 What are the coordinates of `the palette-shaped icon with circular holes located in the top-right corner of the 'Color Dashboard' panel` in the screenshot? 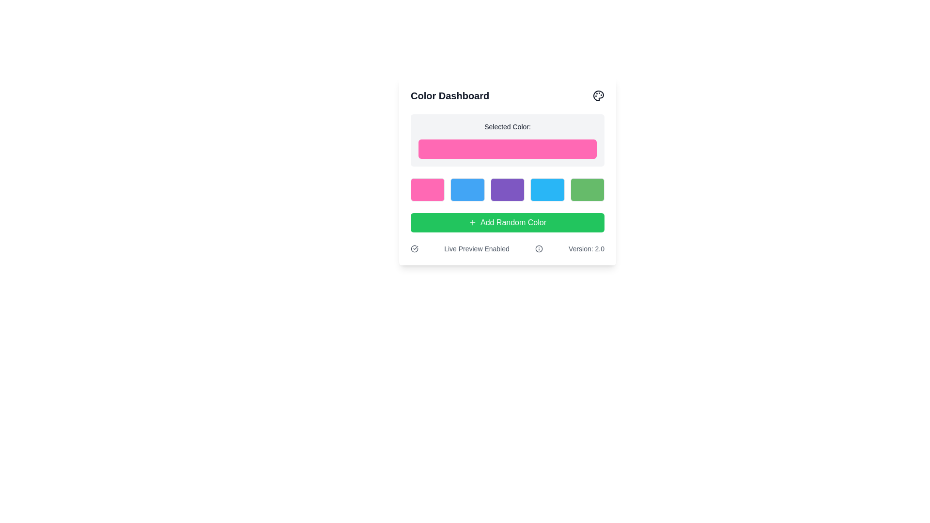 It's located at (598, 95).